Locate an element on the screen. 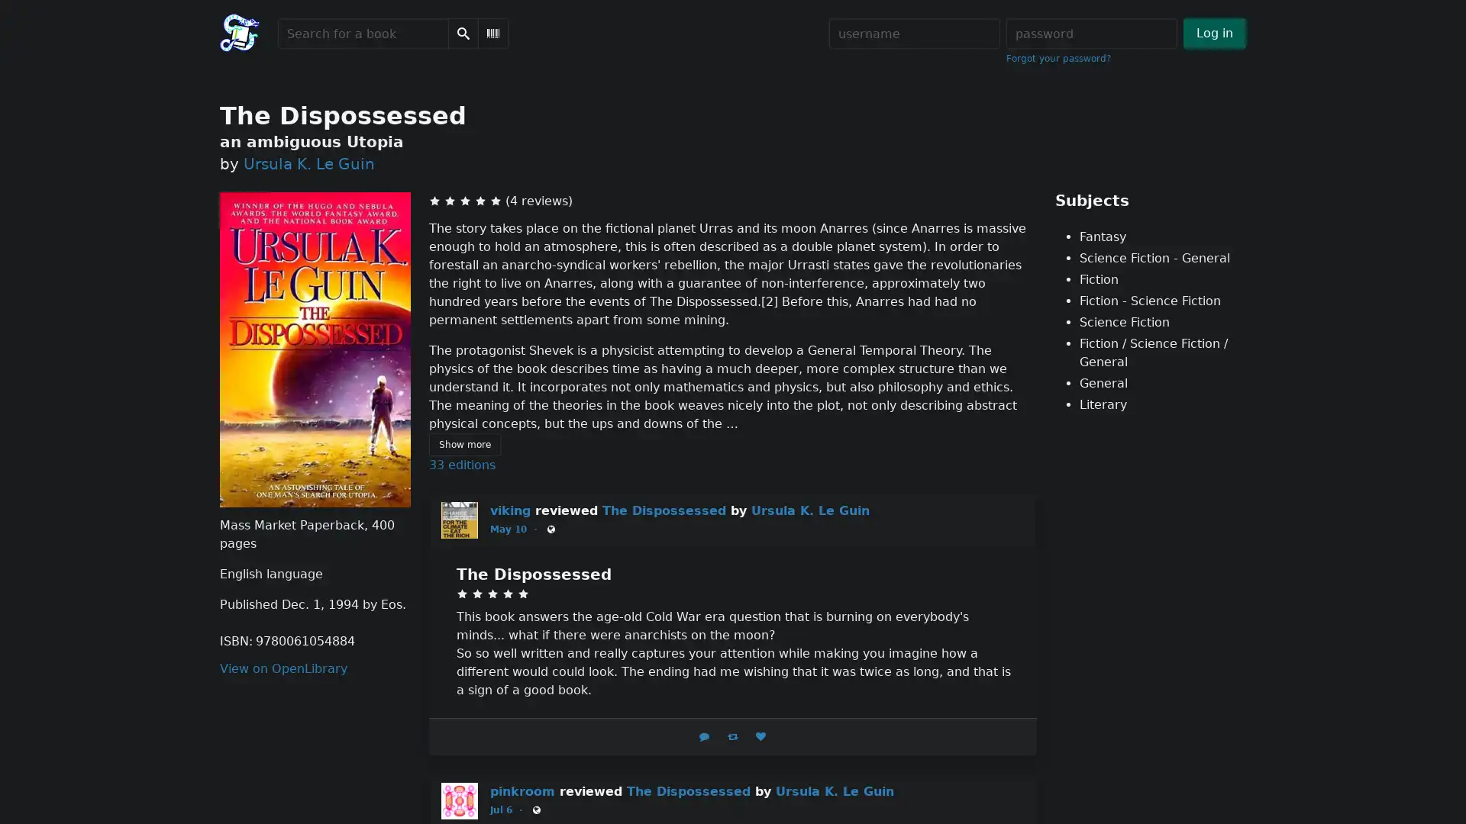 This screenshot has height=824, width=1466. Show more is located at coordinates (463, 444).